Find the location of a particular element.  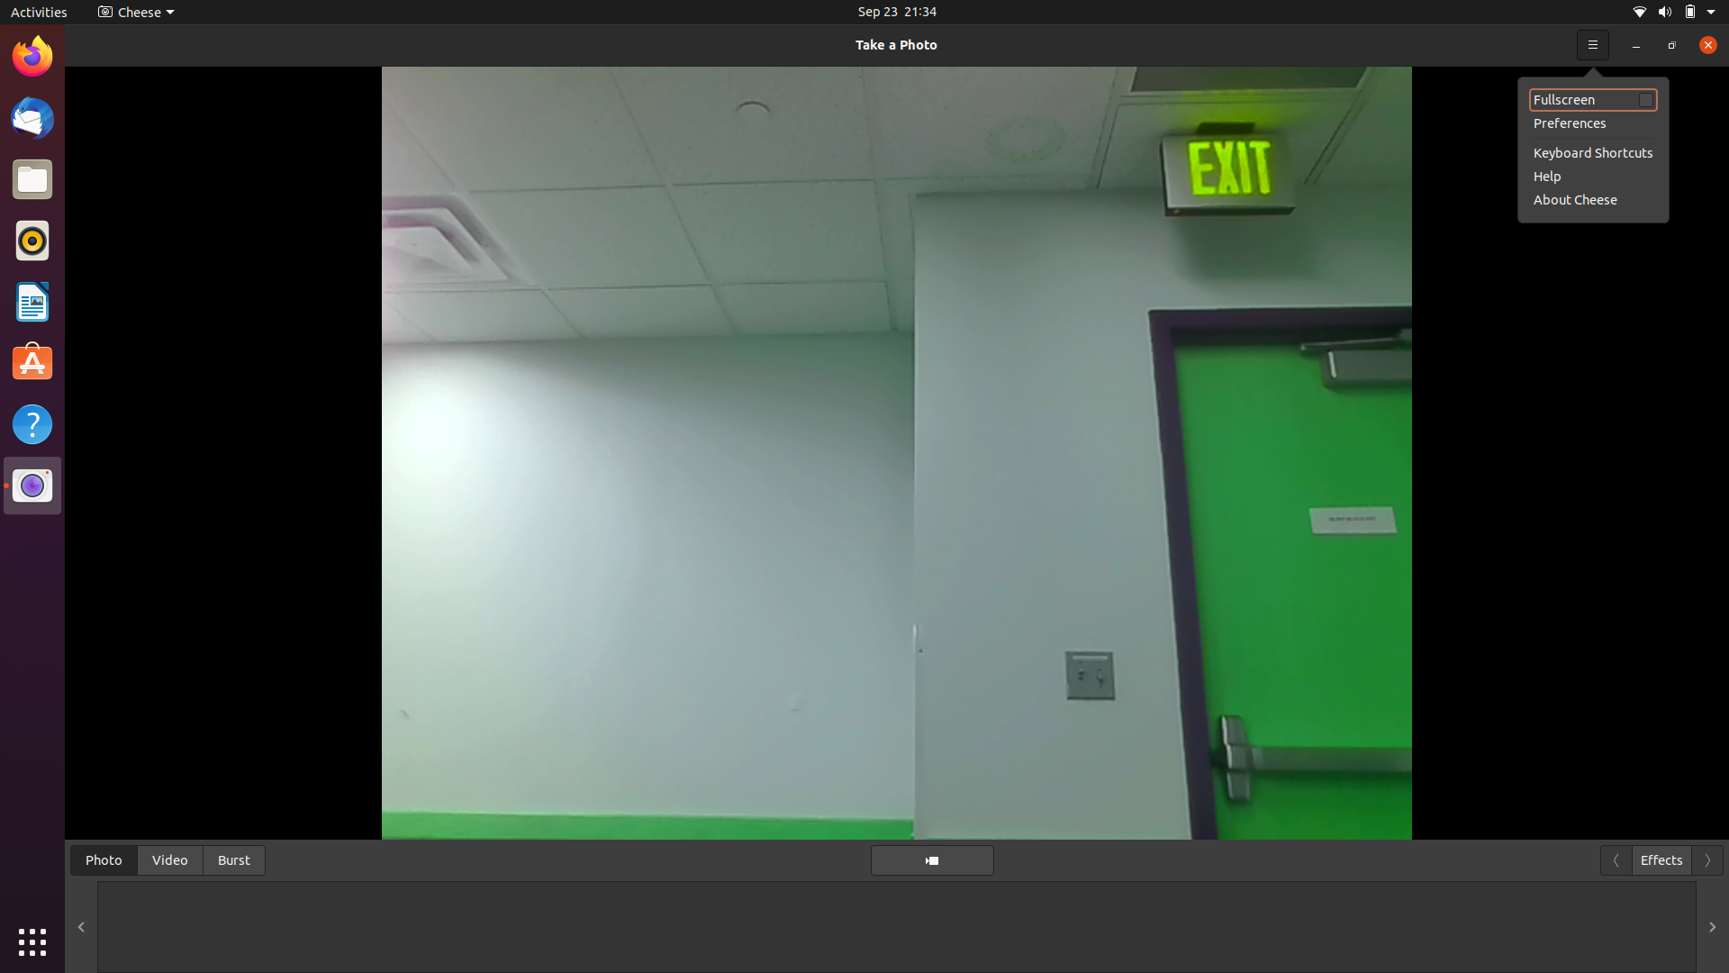

Shut down the camera software interface is located at coordinates (1702, 43).